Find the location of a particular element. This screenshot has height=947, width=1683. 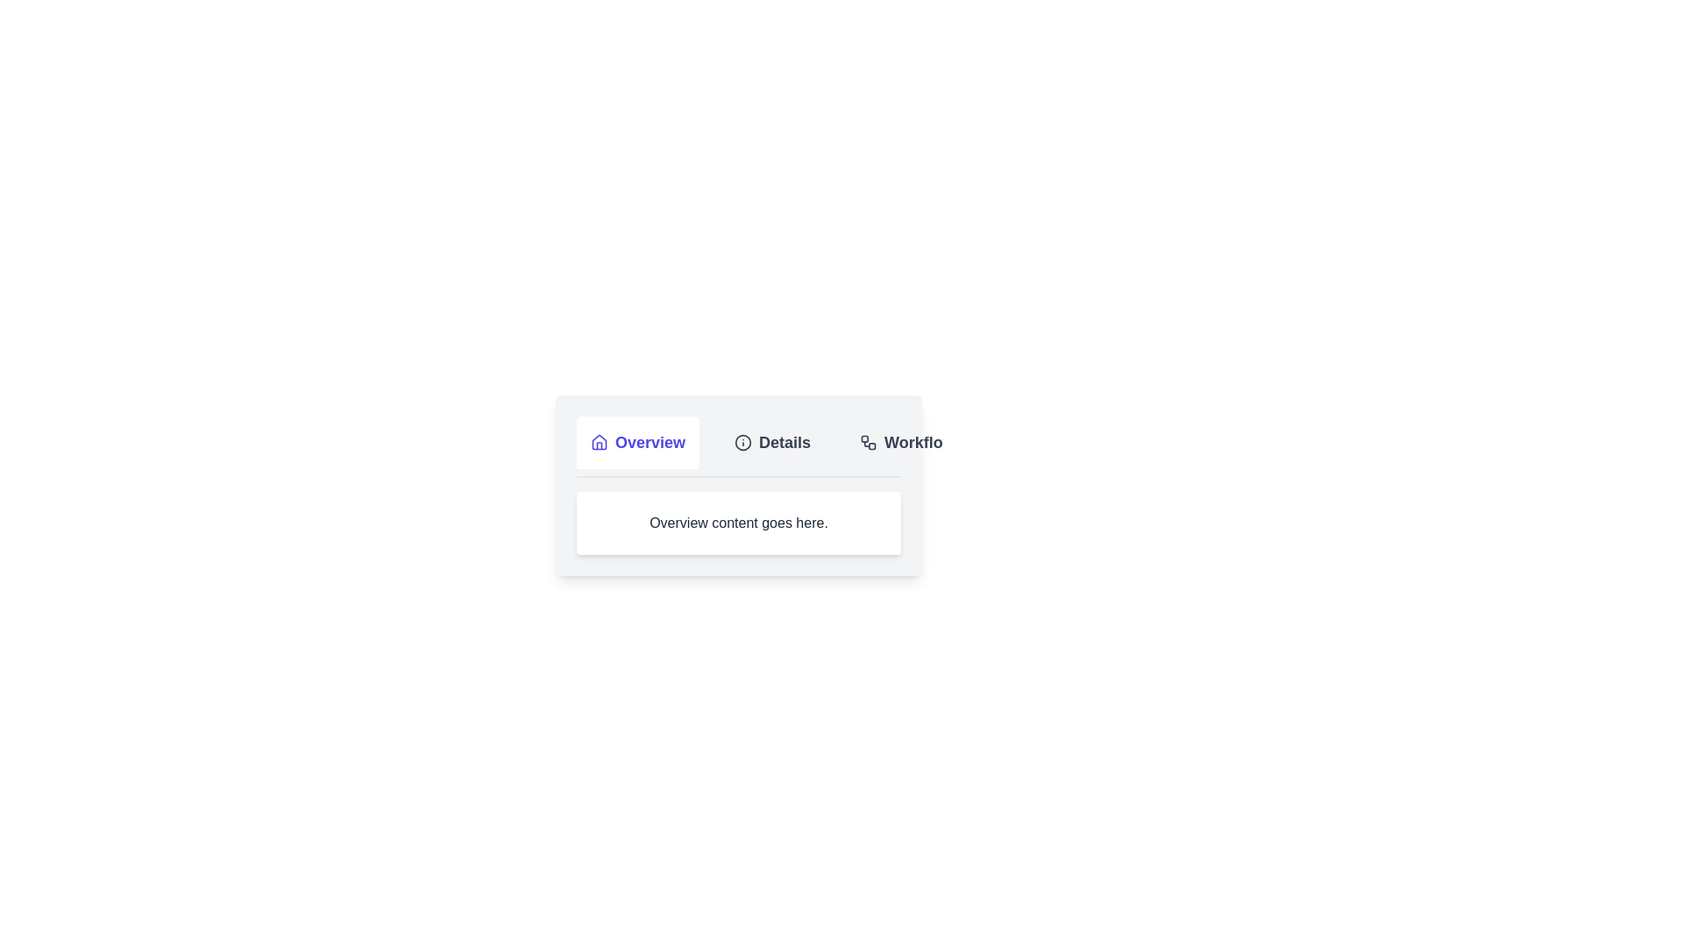

the 'Details' tab, which is the second tab in the horizontal navigation bar is located at coordinates (771, 442).